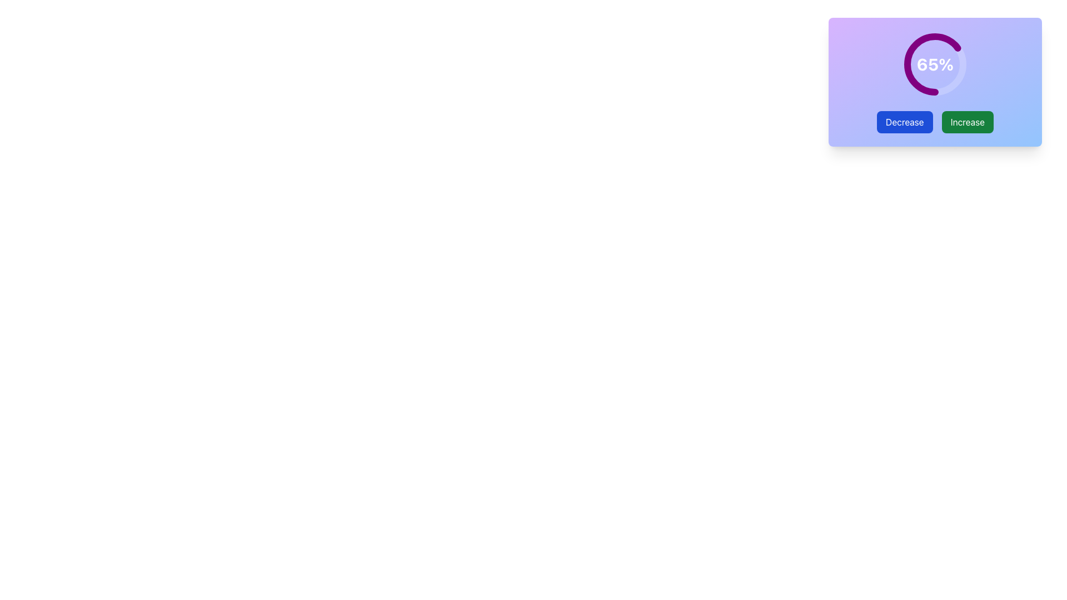 This screenshot has width=1067, height=600. I want to click on the button group containing 'Decrease' (blue) and 'Increase' (green) buttons to observe the hover effect, so click(935, 122).